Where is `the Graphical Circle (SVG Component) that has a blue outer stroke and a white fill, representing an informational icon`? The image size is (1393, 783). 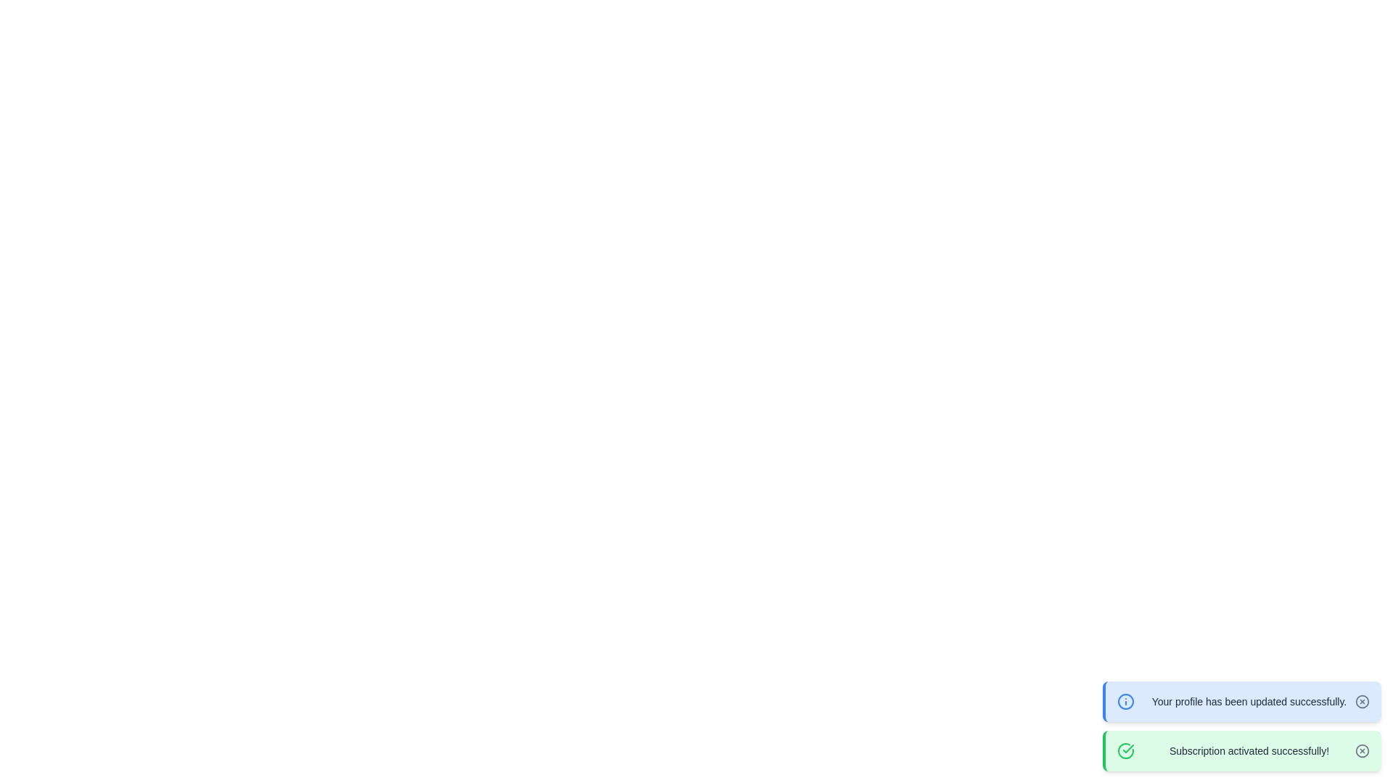
the Graphical Circle (SVG Component) that has a blue outer stroke and a white fill, representing an informational icon is located at coordinates (1125, 701).